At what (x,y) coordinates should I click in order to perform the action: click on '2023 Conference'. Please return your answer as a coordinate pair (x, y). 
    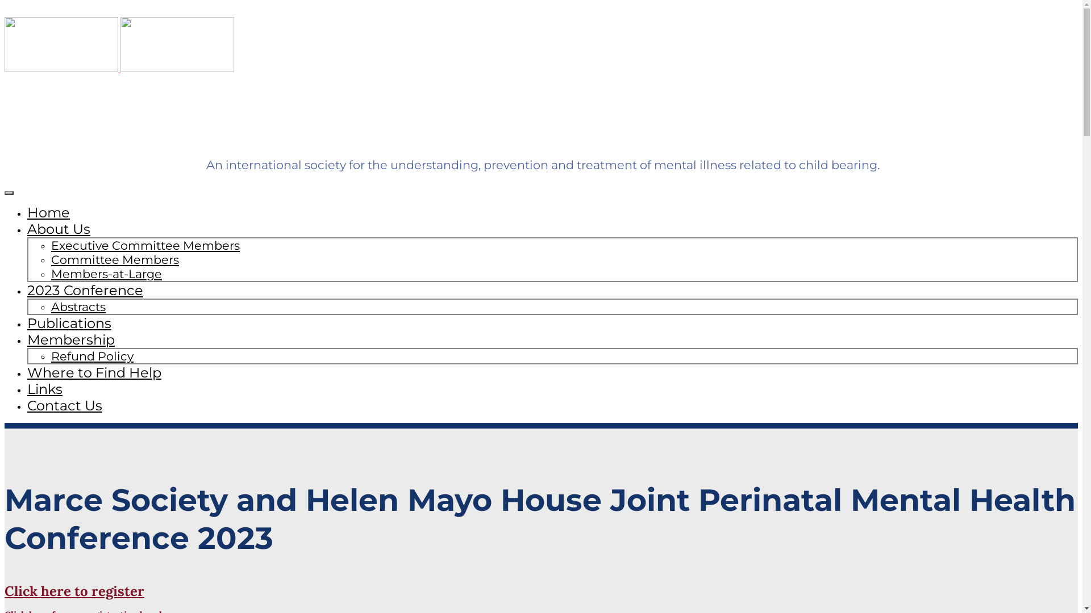
    Looking at the image, I should click on (84, 289).